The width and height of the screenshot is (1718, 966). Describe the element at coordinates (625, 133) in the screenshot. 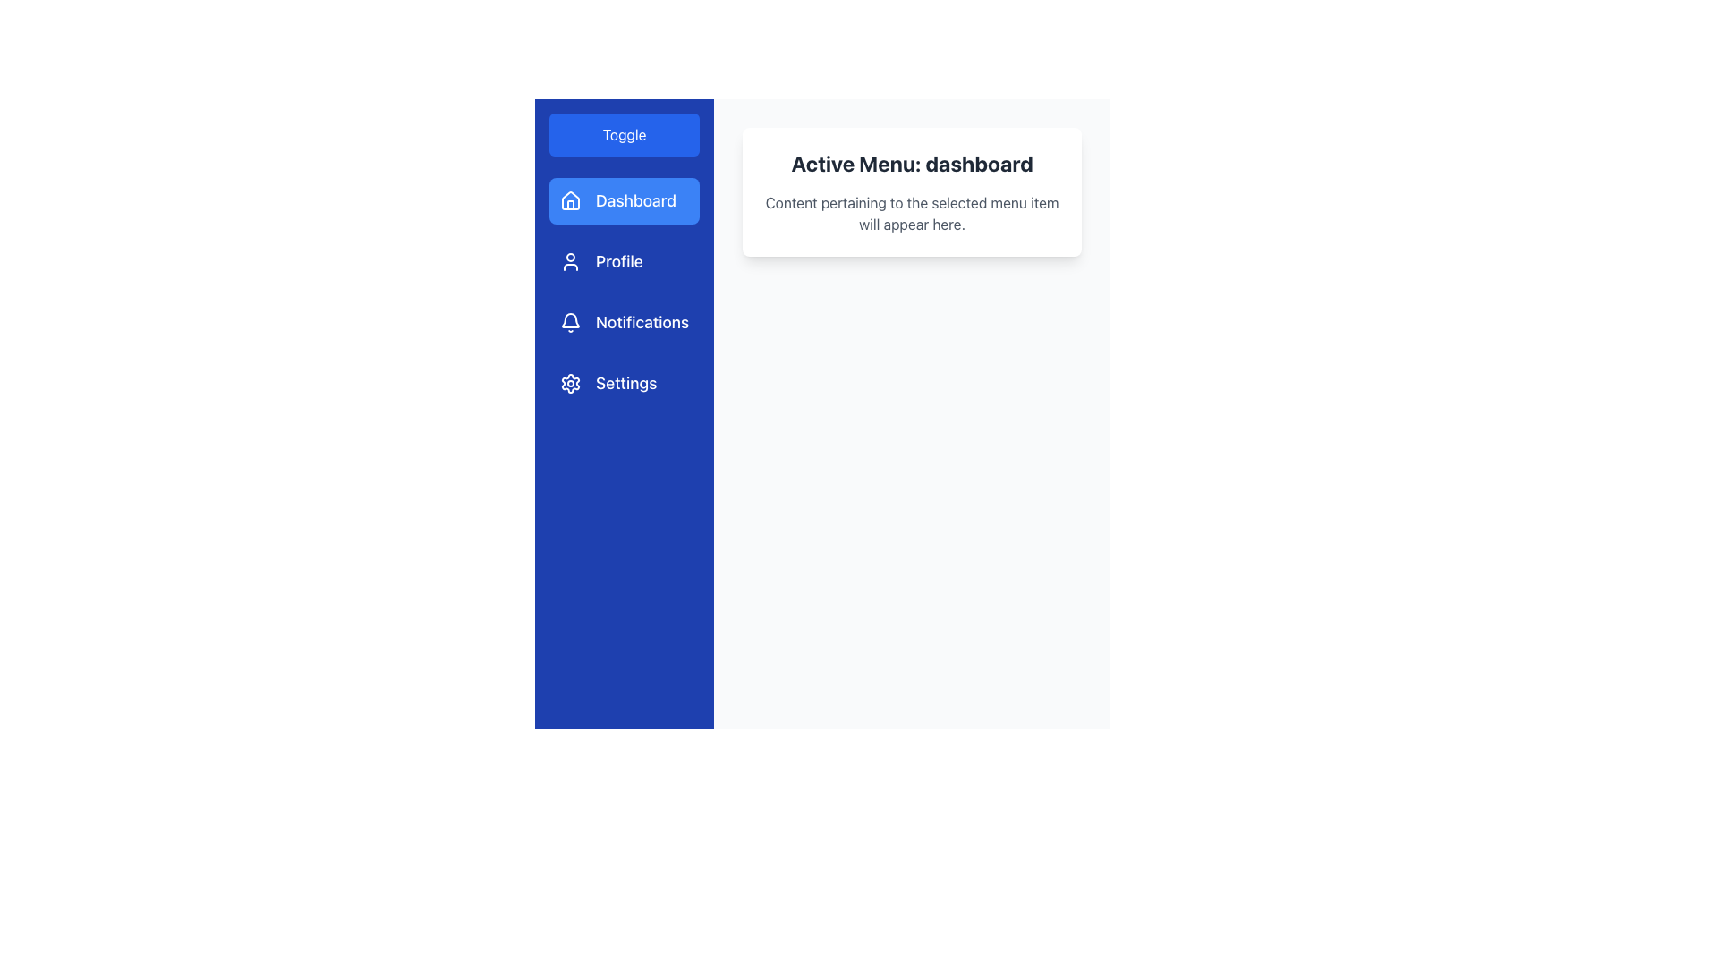

I see `the toggle button located at the top of the sidebar menu to show or hide the sidebar` at that location.